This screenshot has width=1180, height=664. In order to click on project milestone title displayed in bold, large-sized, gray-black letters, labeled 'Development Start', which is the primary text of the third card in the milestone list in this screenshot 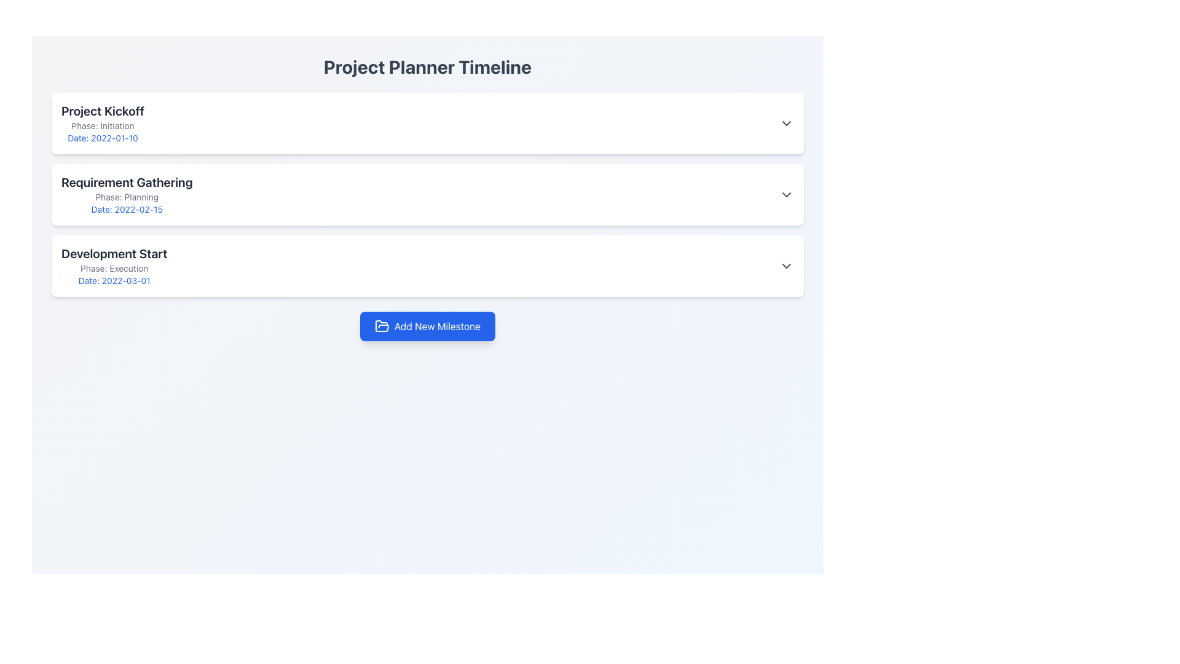, I will do `click(114, 253)`.